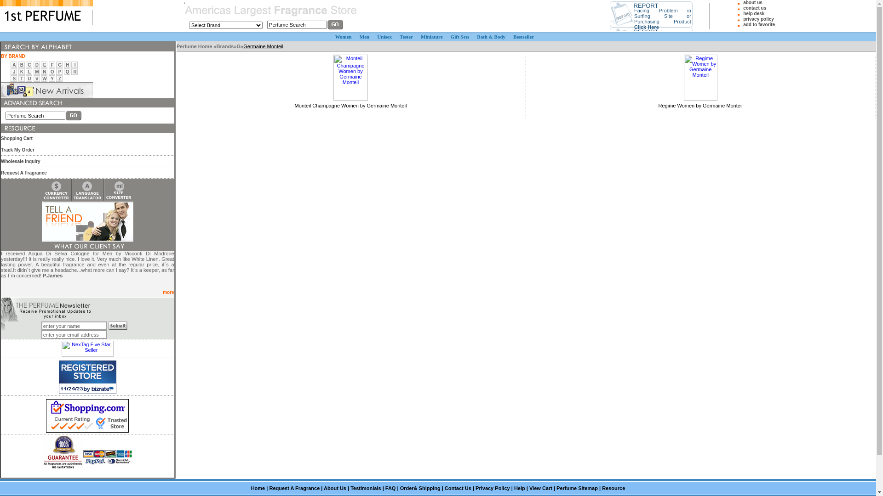 This screenshot has height=496, width=883. I want to click on 'Perfume Sitemap', so click(576, 488).